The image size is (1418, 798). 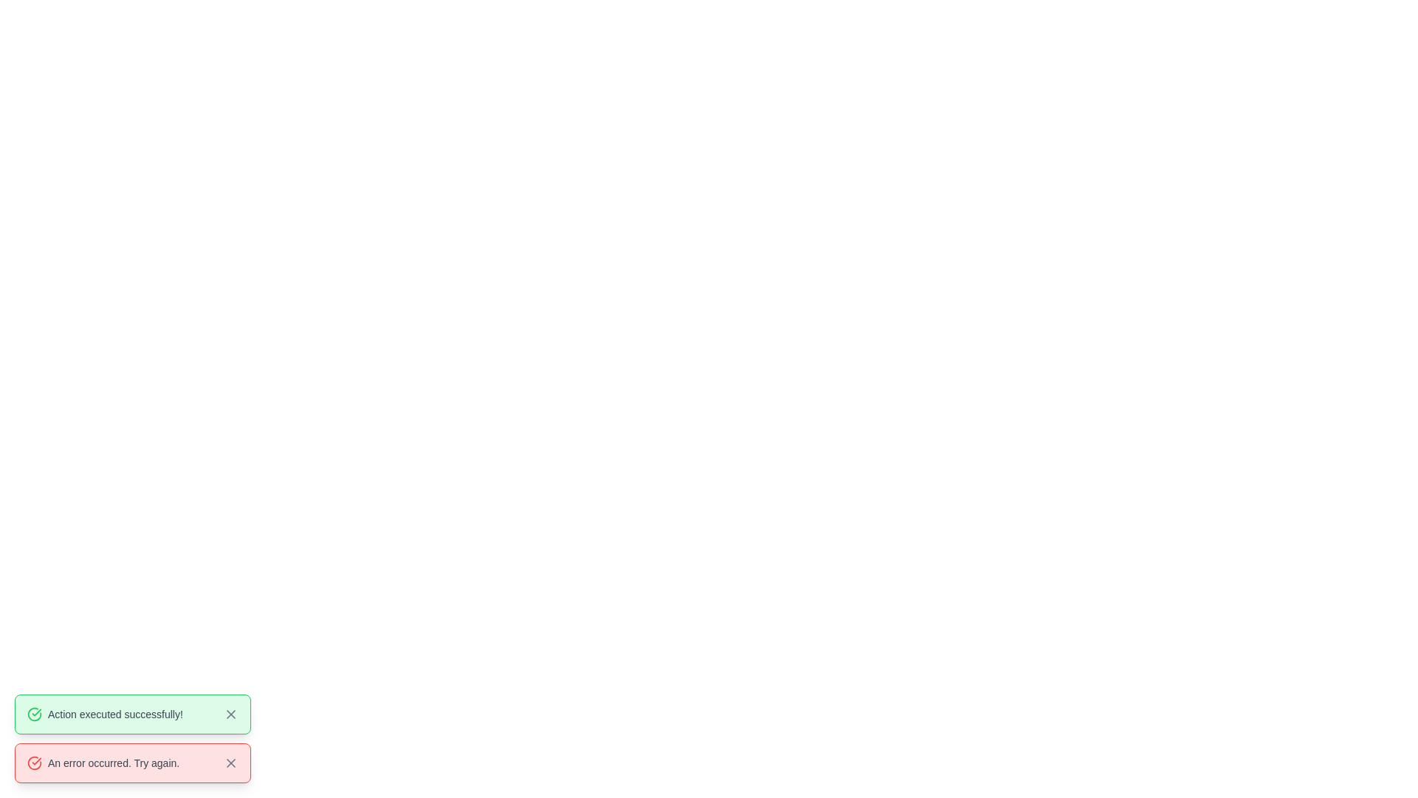 What do you see at coordinates (35, 763) in the screenshot?
I see `the visual state of the error notification icon, which is the left-most icon in a horizontal alert box with a red background, indicating a problem or failed operation` at bounding box center [35, 763].